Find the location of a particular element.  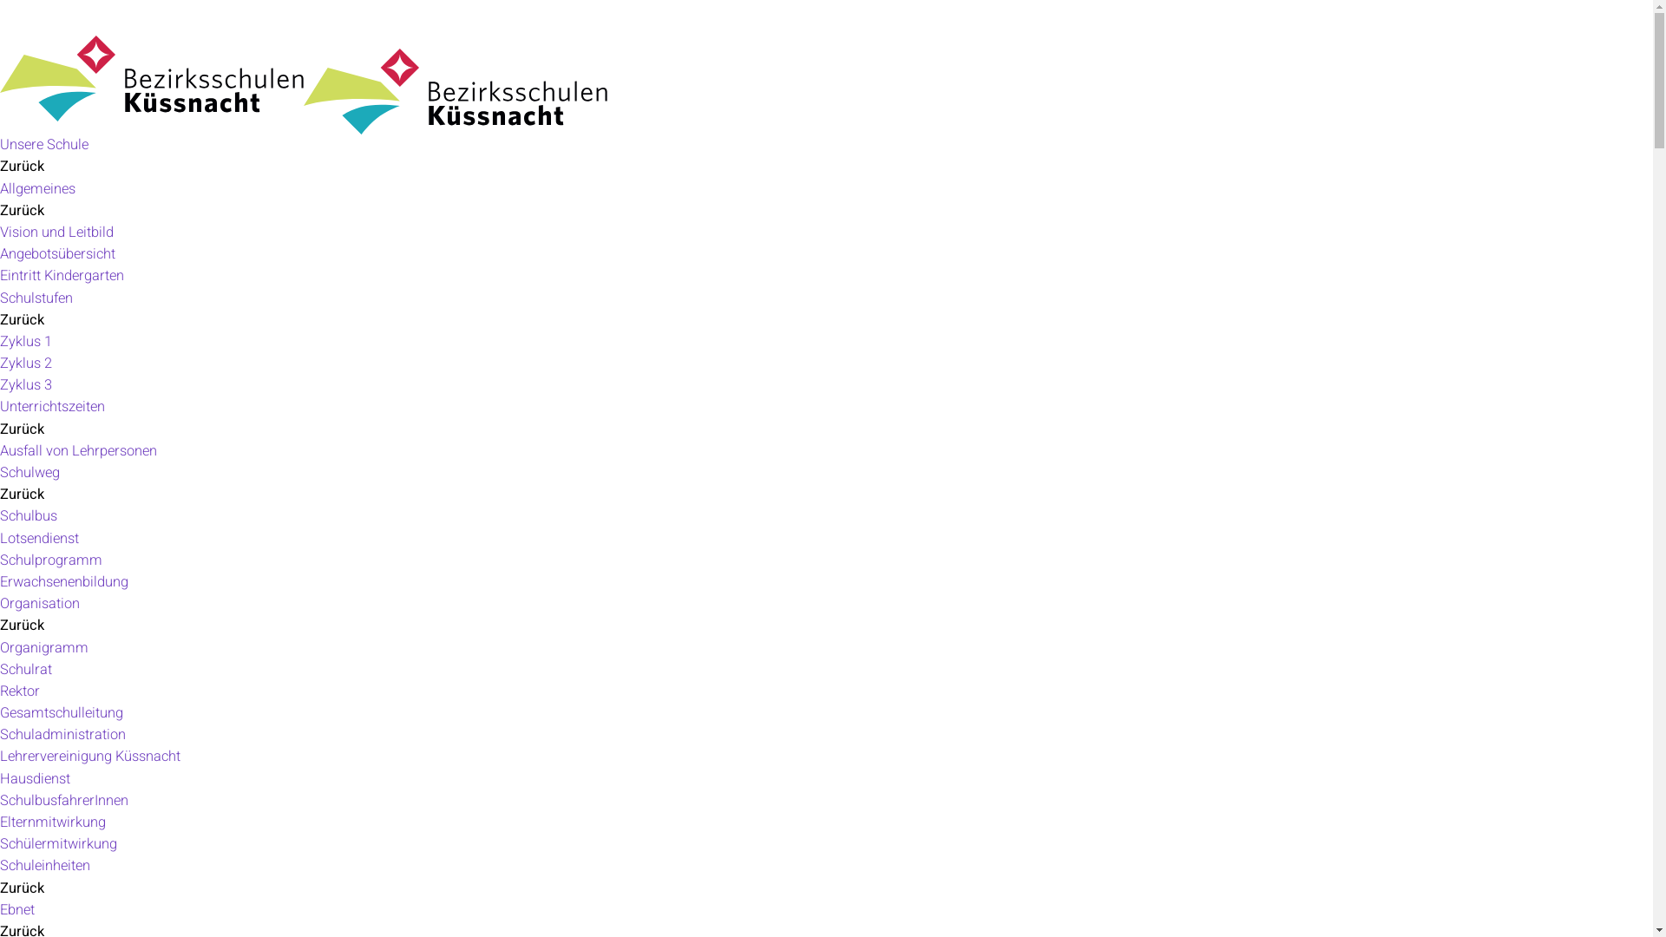

'Zyklus 1' is located at coordinates (25, 341).